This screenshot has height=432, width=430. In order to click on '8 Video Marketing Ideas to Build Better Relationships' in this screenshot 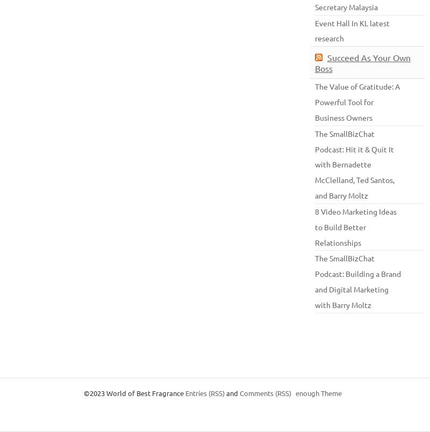, I will do `click(314, 225)`.